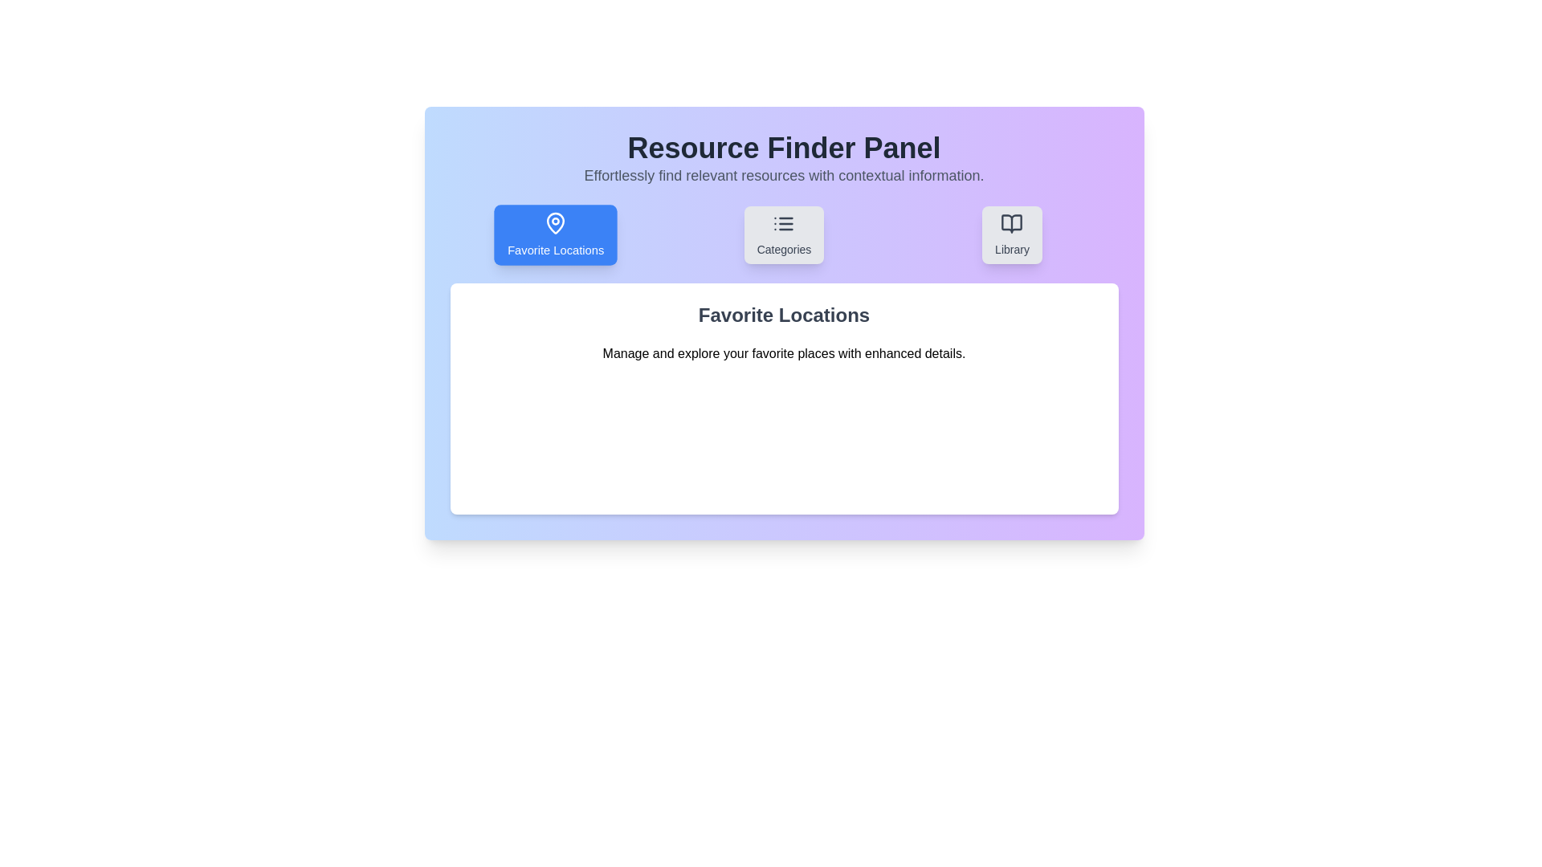 The height and width of the screenshot is (867, 1542). What do you see at coordinates (784, 235) in the screenshot?
I see `the Categories tab to view its content` at bounding box center [784, 235].